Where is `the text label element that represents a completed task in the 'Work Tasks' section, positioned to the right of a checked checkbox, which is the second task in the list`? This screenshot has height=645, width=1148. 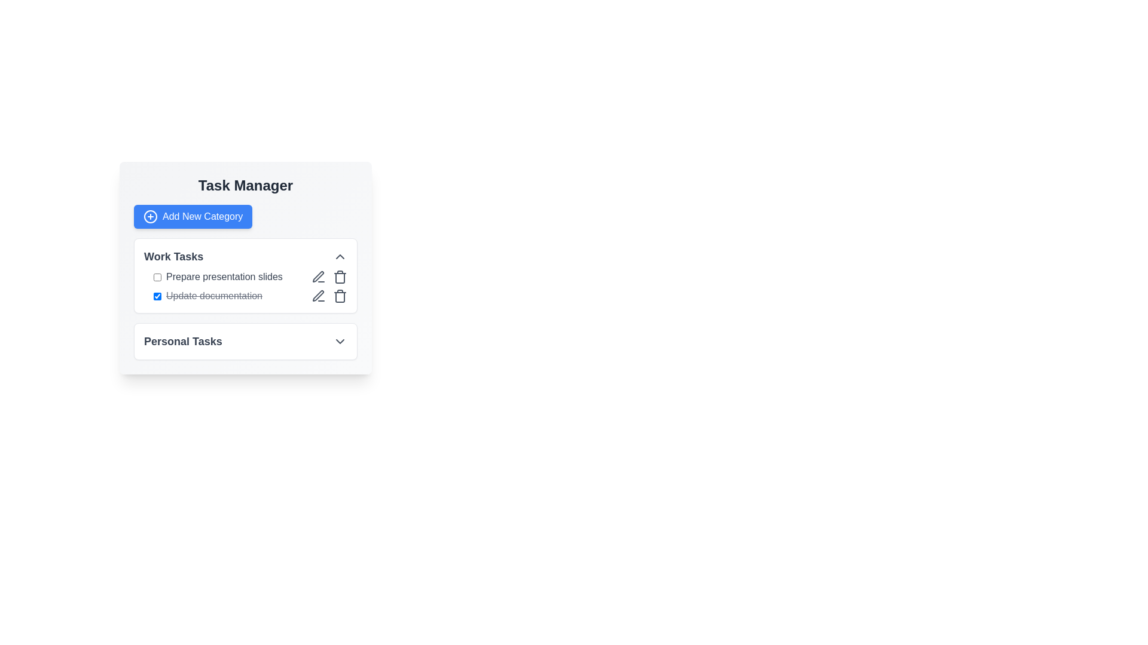 the text label element that represents a completed task in the 'Work Tasks' section, positioned to the right of a checked checkbox, which is the second task in the list is located at coordinates (214, 296).